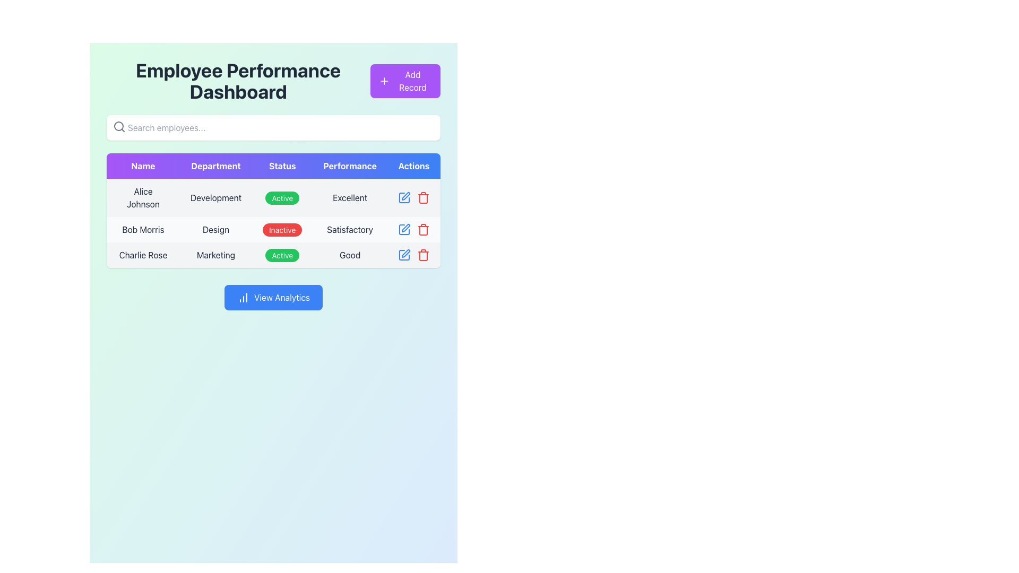 The height and width of the screenshot is (573, 1019). Describe the element at coordinates (404, 255) in the screenshot. I see `the editing button associated with the row for 'Charlie Rose'` at that location.